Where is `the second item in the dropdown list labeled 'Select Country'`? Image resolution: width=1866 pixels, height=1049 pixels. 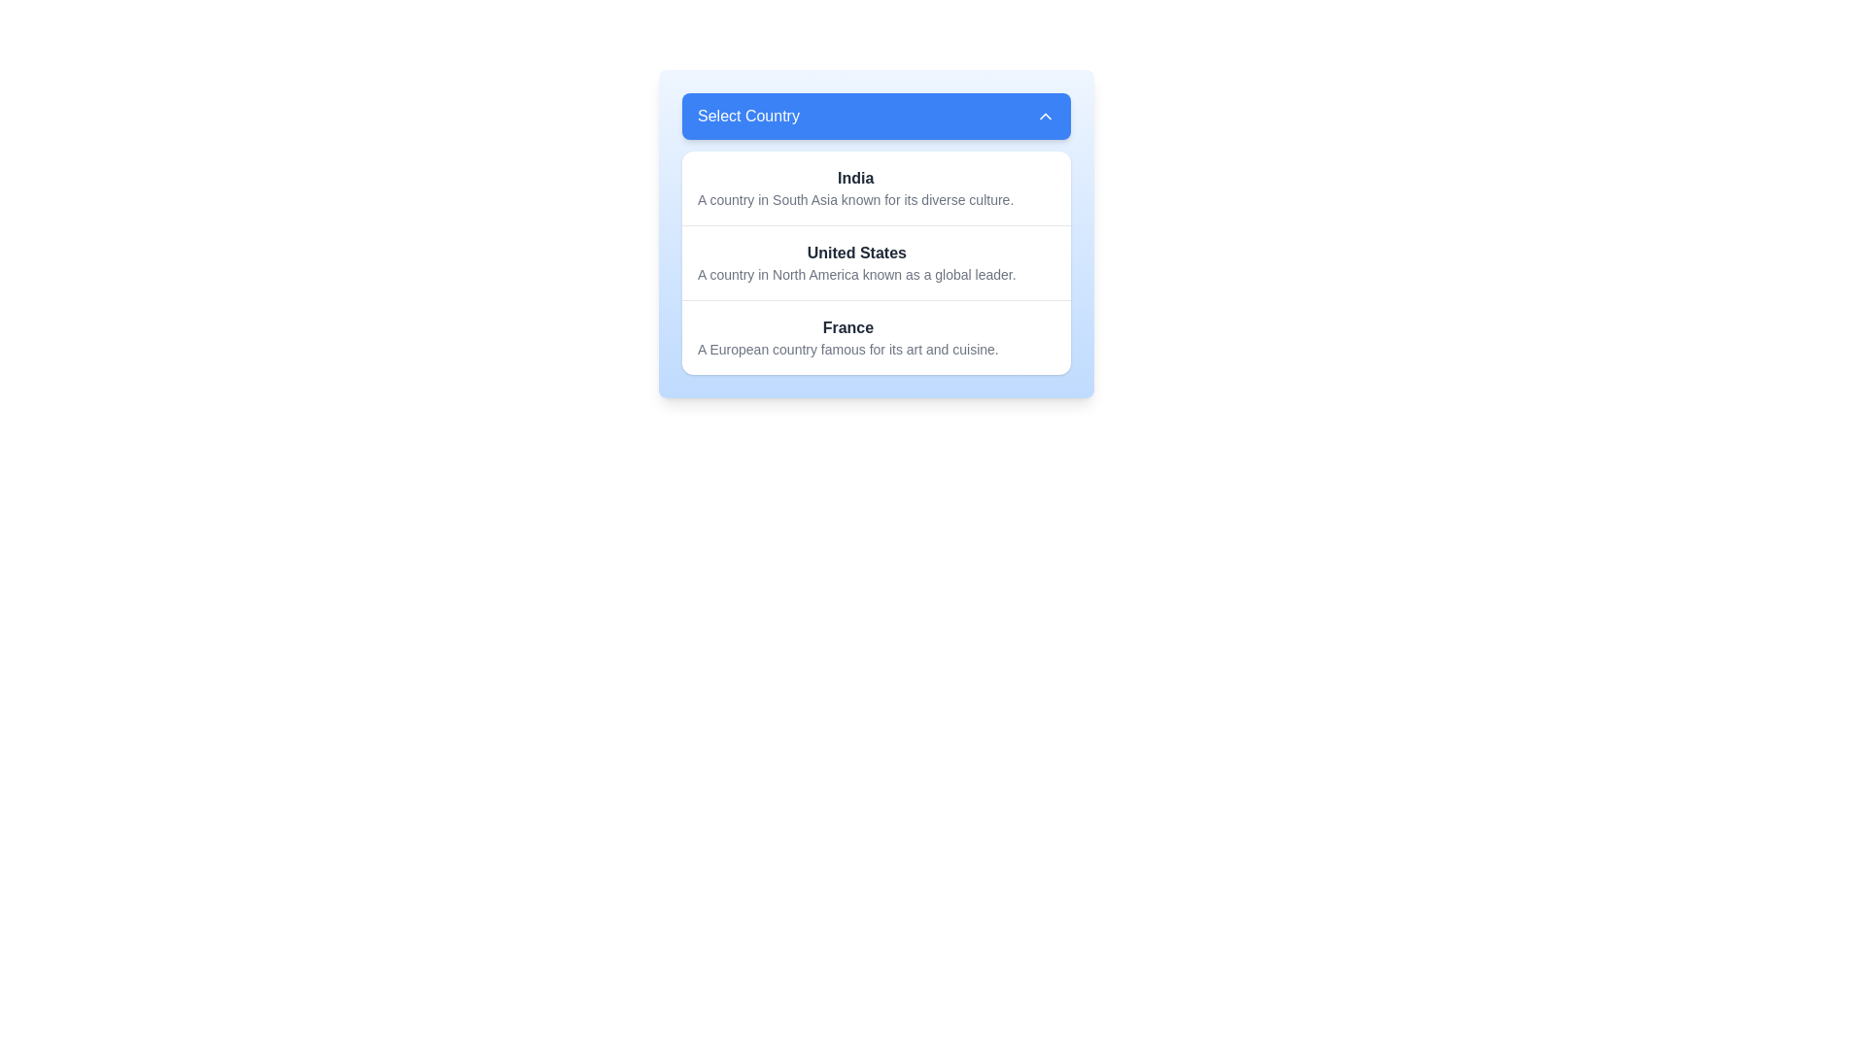
the second item in the dropdown list labeled 'Select Country' is located at coordinates (876, 262).